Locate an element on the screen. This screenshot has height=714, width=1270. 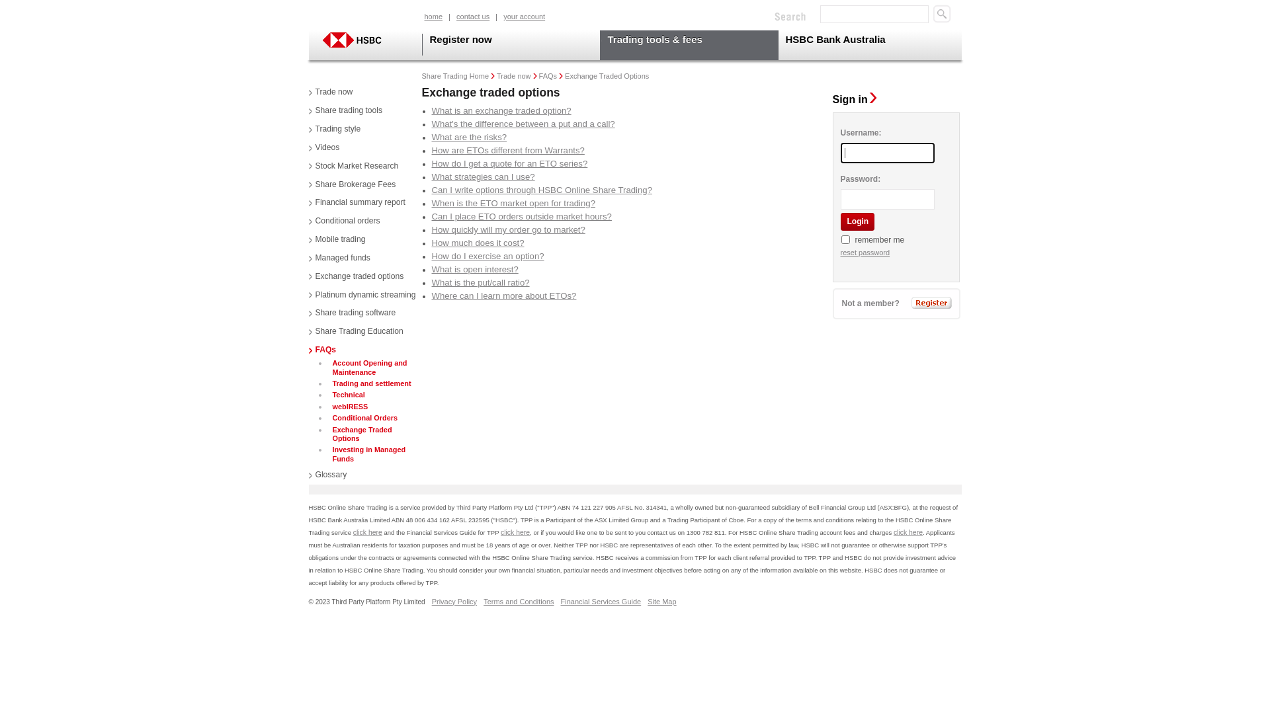
'When is the ETO market open for trading?' is located at coordinates (513, 203).